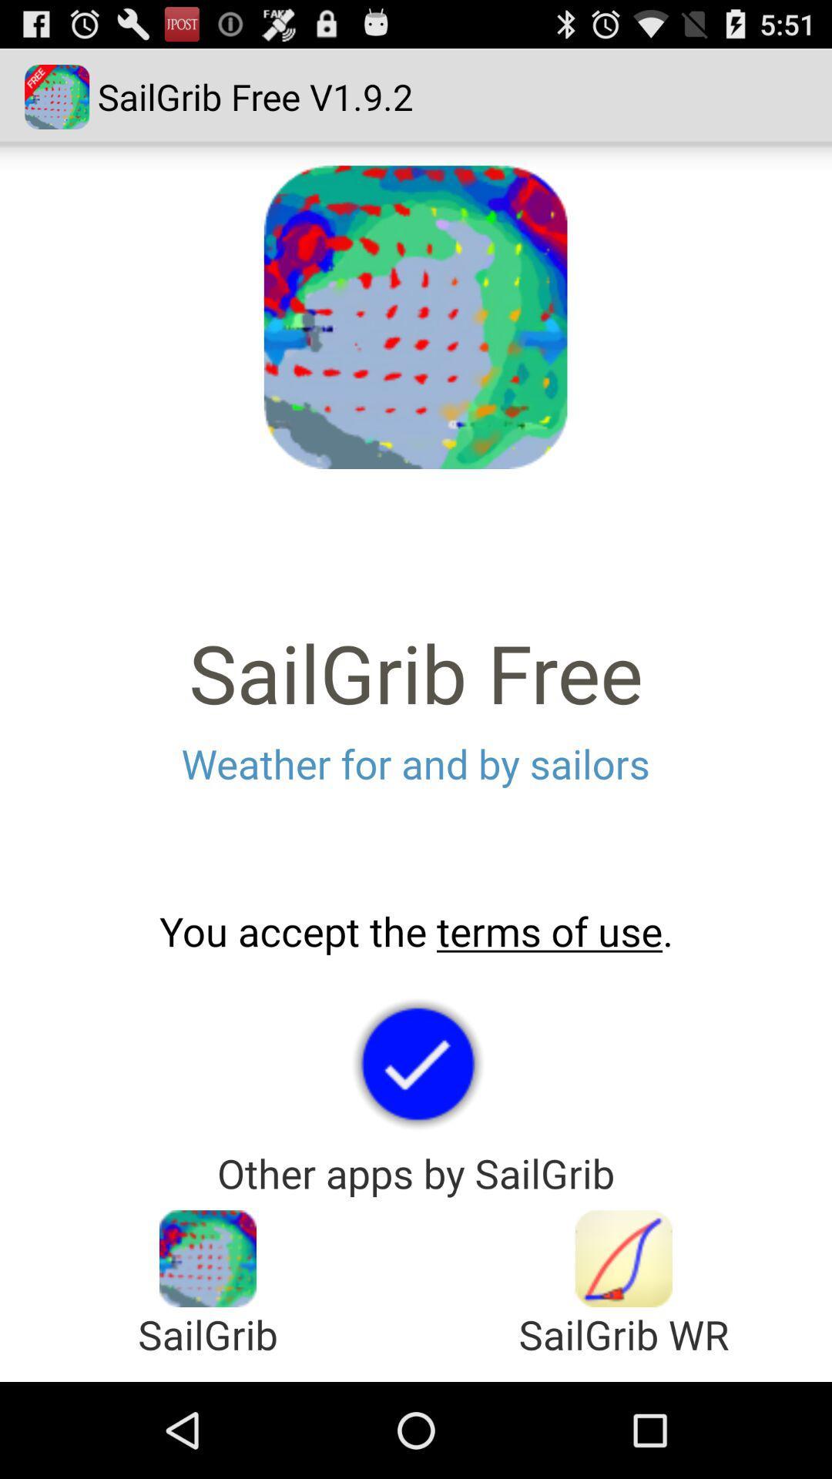  Describe the element at coordinates (416, 1062) in the screenshot. I see `accept terms` at that location.